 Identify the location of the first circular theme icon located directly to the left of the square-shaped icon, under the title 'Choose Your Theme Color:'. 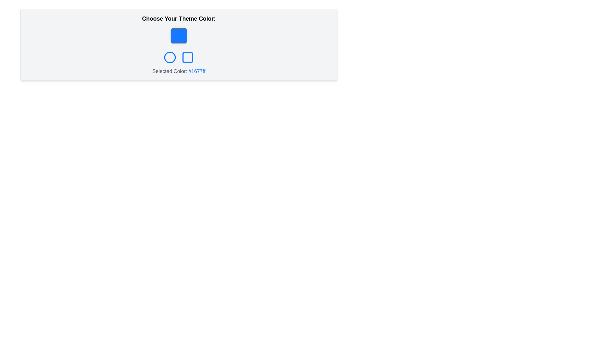
(170, 57).